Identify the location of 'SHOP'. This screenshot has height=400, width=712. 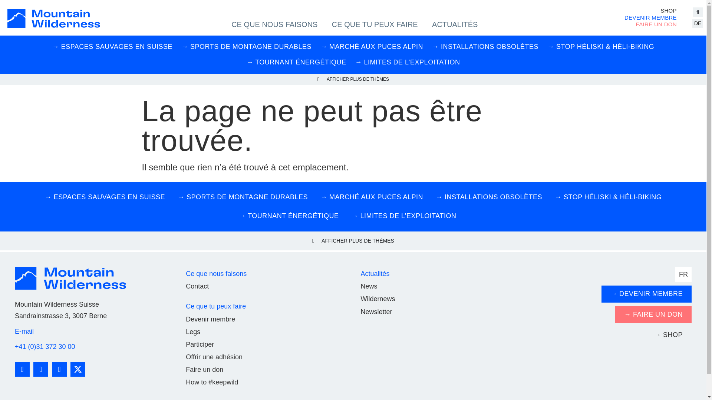
(650, 11).